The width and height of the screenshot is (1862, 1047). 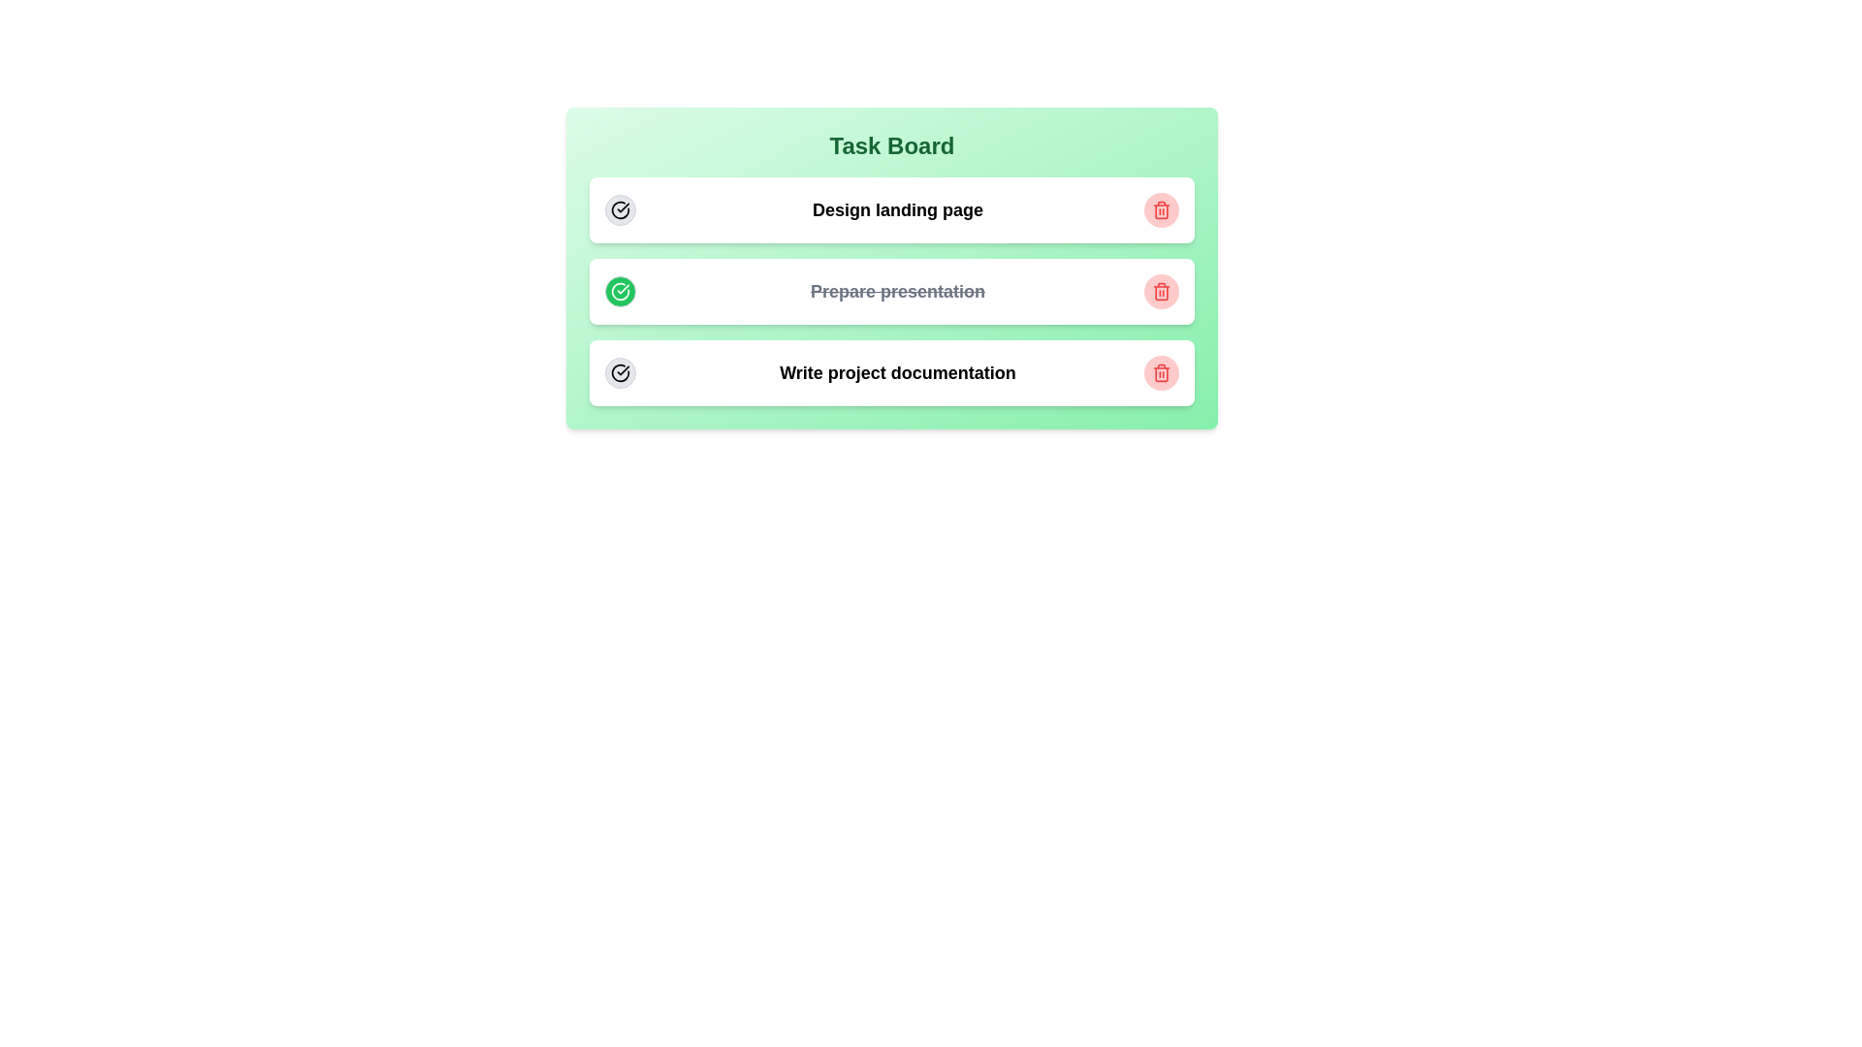 I want to click on the trash icon of the task with title Design landing page to delete it, so click(x=1162, y=209).